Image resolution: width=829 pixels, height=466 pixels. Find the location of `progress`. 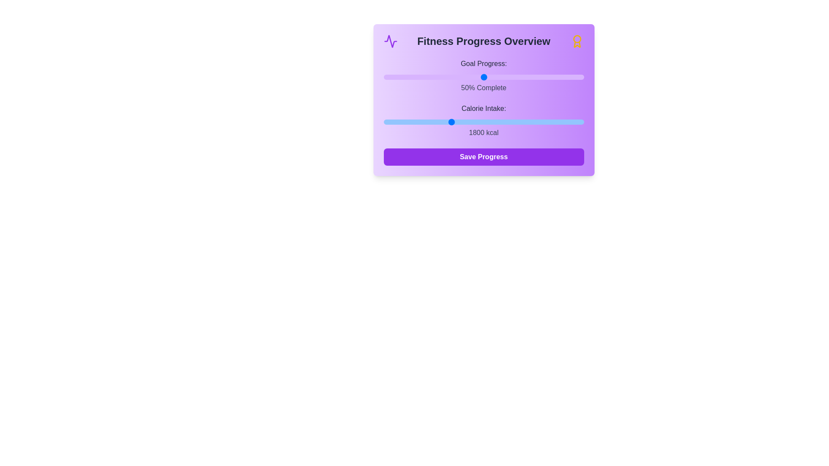

progress is located at coordinates (549, 76).